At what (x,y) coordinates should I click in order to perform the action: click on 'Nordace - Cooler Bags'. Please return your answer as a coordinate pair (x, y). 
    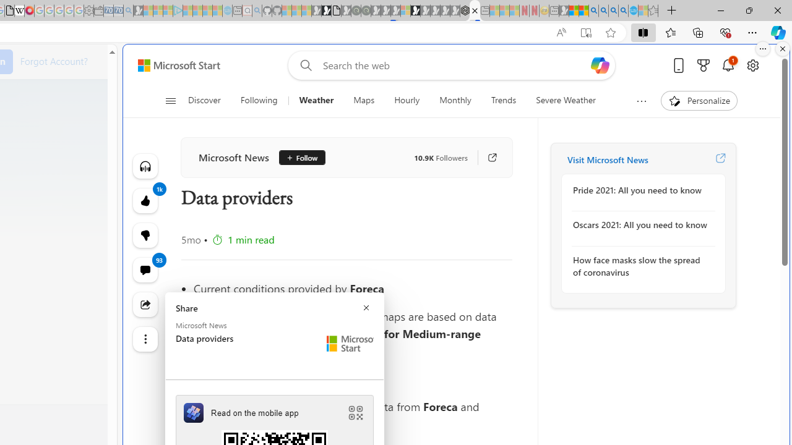
    Looking at the image, I should click on (464, 11).